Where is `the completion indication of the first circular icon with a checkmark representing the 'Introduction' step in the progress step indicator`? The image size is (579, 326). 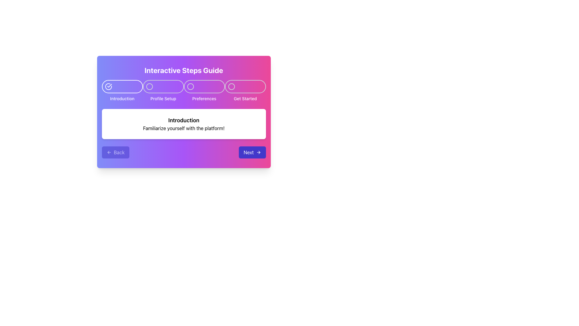 the completion indication of the first circular icon with a checkmark representing the 'Introduction' step in the progress step indicator is located at coordinates (108, 86).